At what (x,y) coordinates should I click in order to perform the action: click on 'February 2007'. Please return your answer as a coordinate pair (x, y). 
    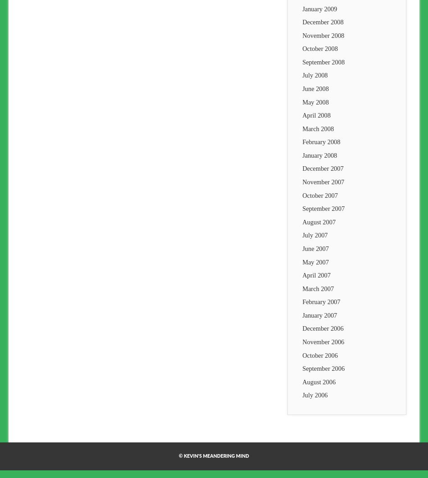
    Looking at the image, I should click on (321, 301).